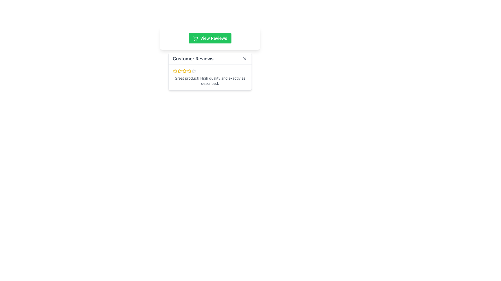  Describe the element at coordinates (189, 71) in the screenshot. I see `the sixth star icon in the 'Customer Reviews' section of the rating widget` at that location.